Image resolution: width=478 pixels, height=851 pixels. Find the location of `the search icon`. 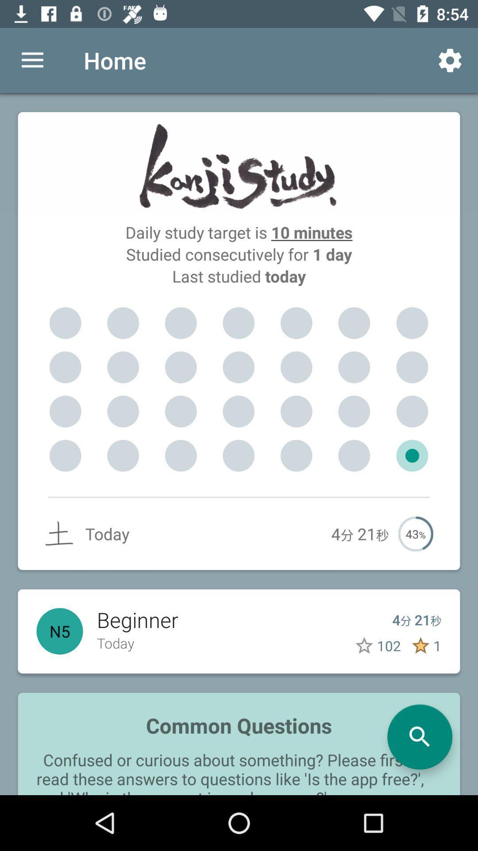

the search icon is located at coordinates (419, 737).